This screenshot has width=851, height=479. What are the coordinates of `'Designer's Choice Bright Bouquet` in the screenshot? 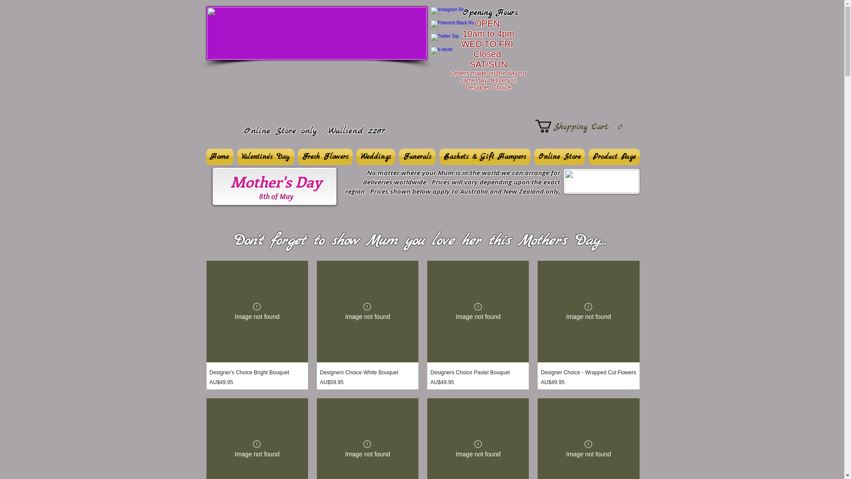 It's located at (257, 311).